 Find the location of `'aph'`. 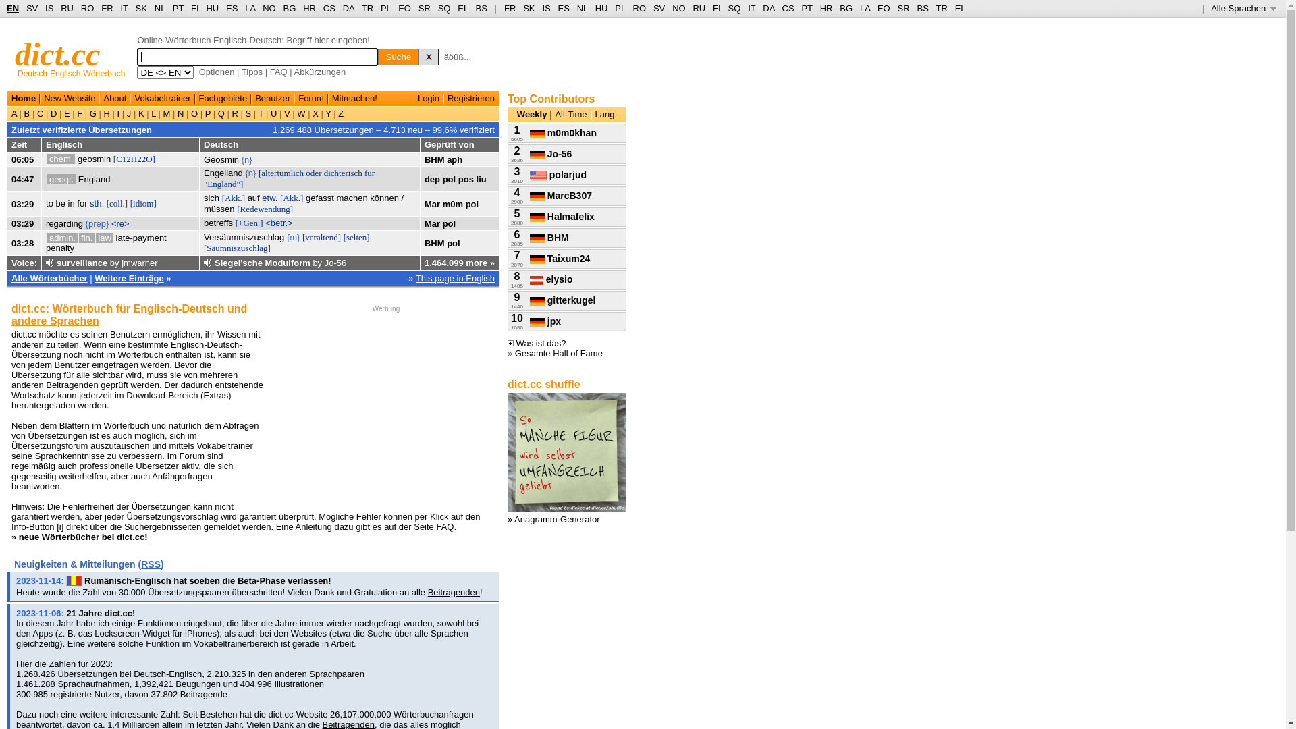

'aph' is located at coordinates (454, 158).